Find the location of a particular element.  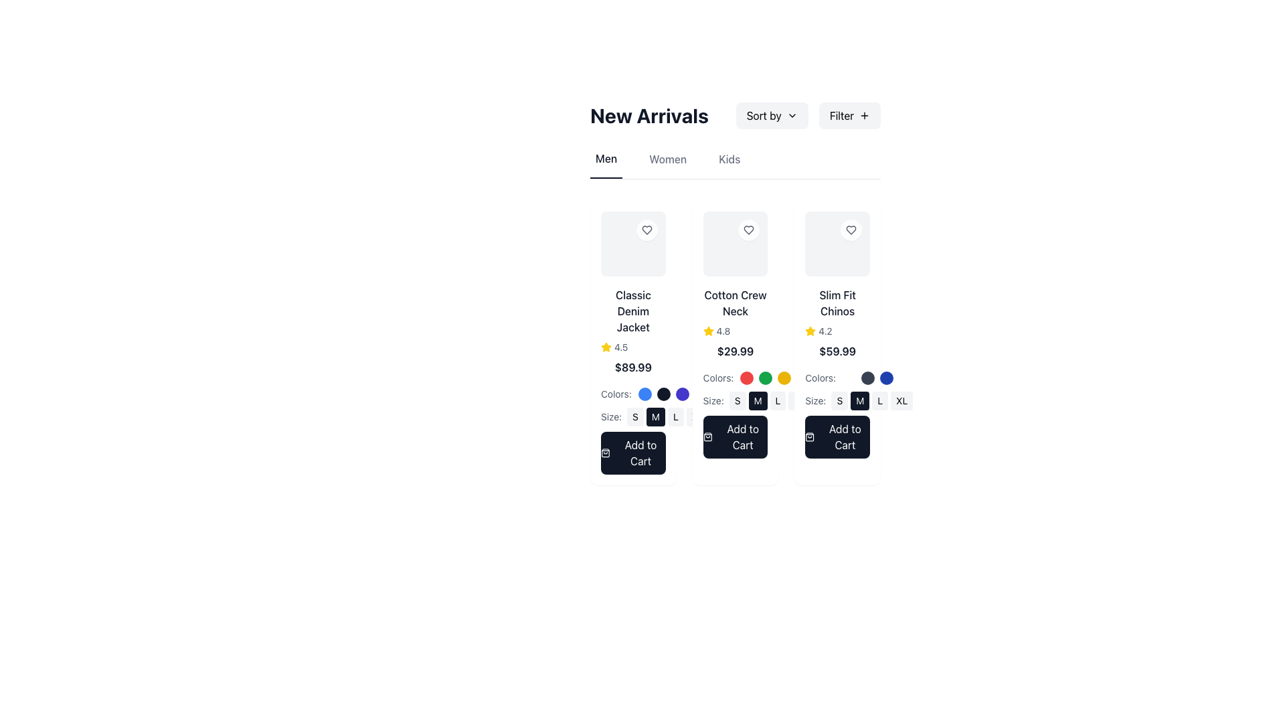

the filter button located to the right of the 'Sort by' button in the upper-right section of the interface is located at coordinates (849, 115).